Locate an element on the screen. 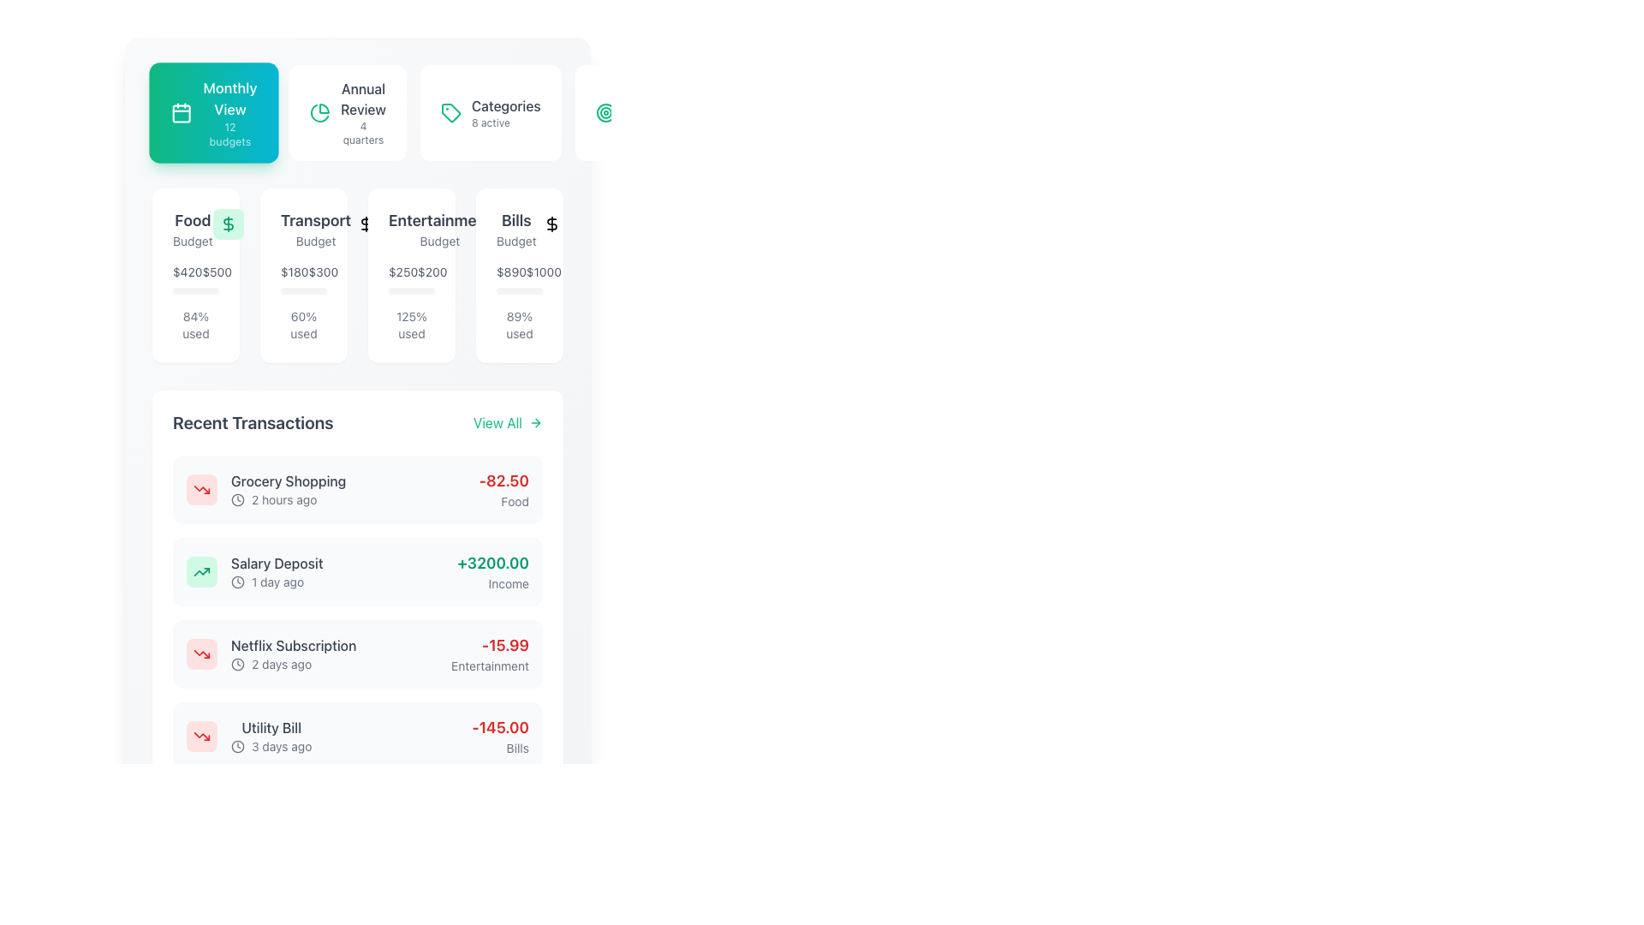 The height and width of the screenshot is (925, 1644). the progress bar segment, which has a violet fill and is positioned below the 'Entertainment Budget' section in the 'Monthly View' interface is located at coordinates (417, 289).